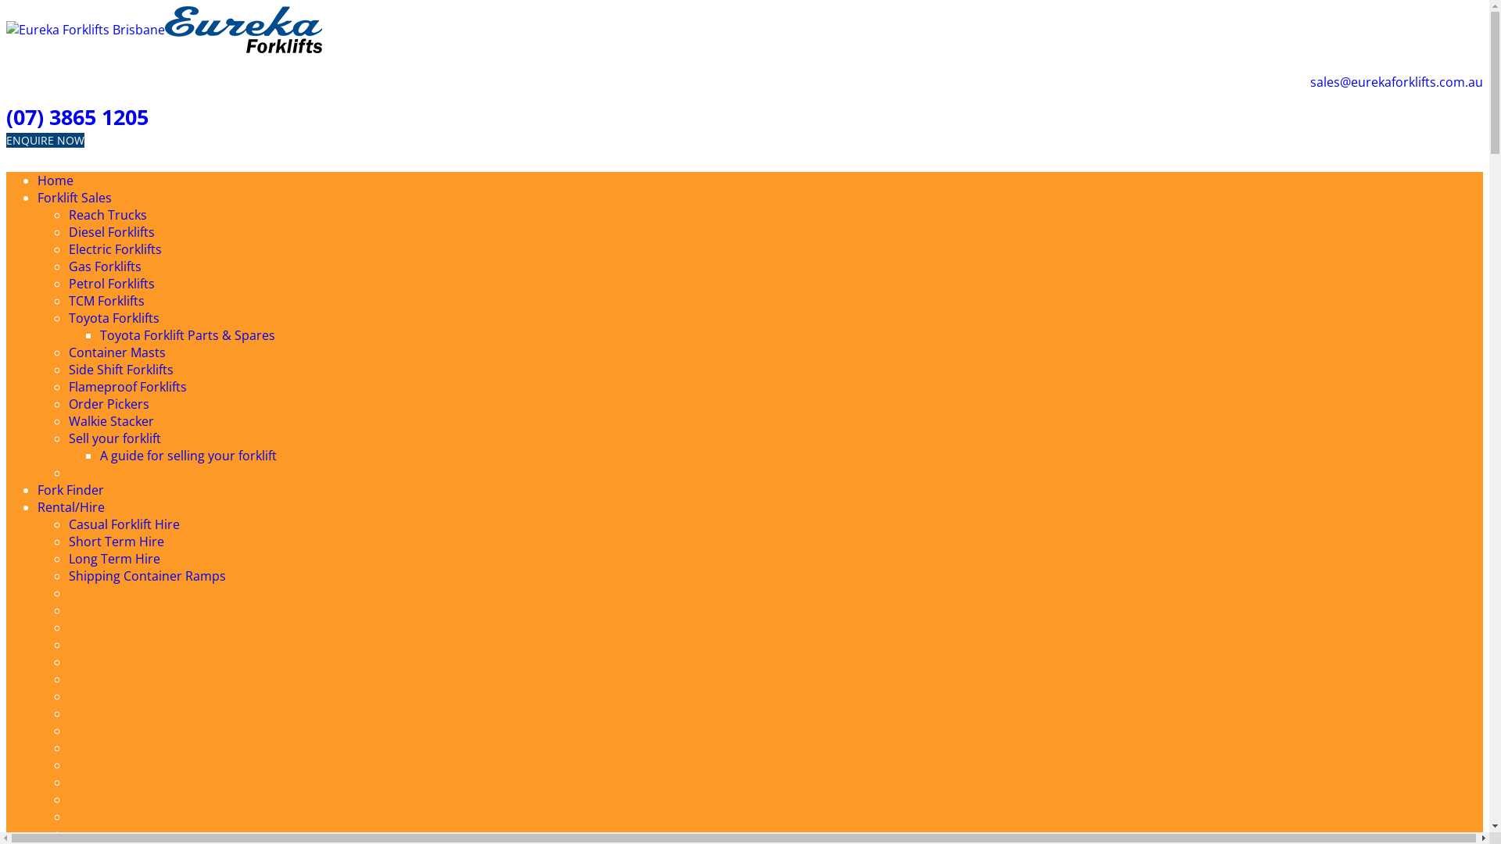 This screenshot has width=1501, height=844. What do you see at coordinates (111, 283) in the screenshot?
I see `'Petrol Forklifts'` at bounding box center [111, 283].